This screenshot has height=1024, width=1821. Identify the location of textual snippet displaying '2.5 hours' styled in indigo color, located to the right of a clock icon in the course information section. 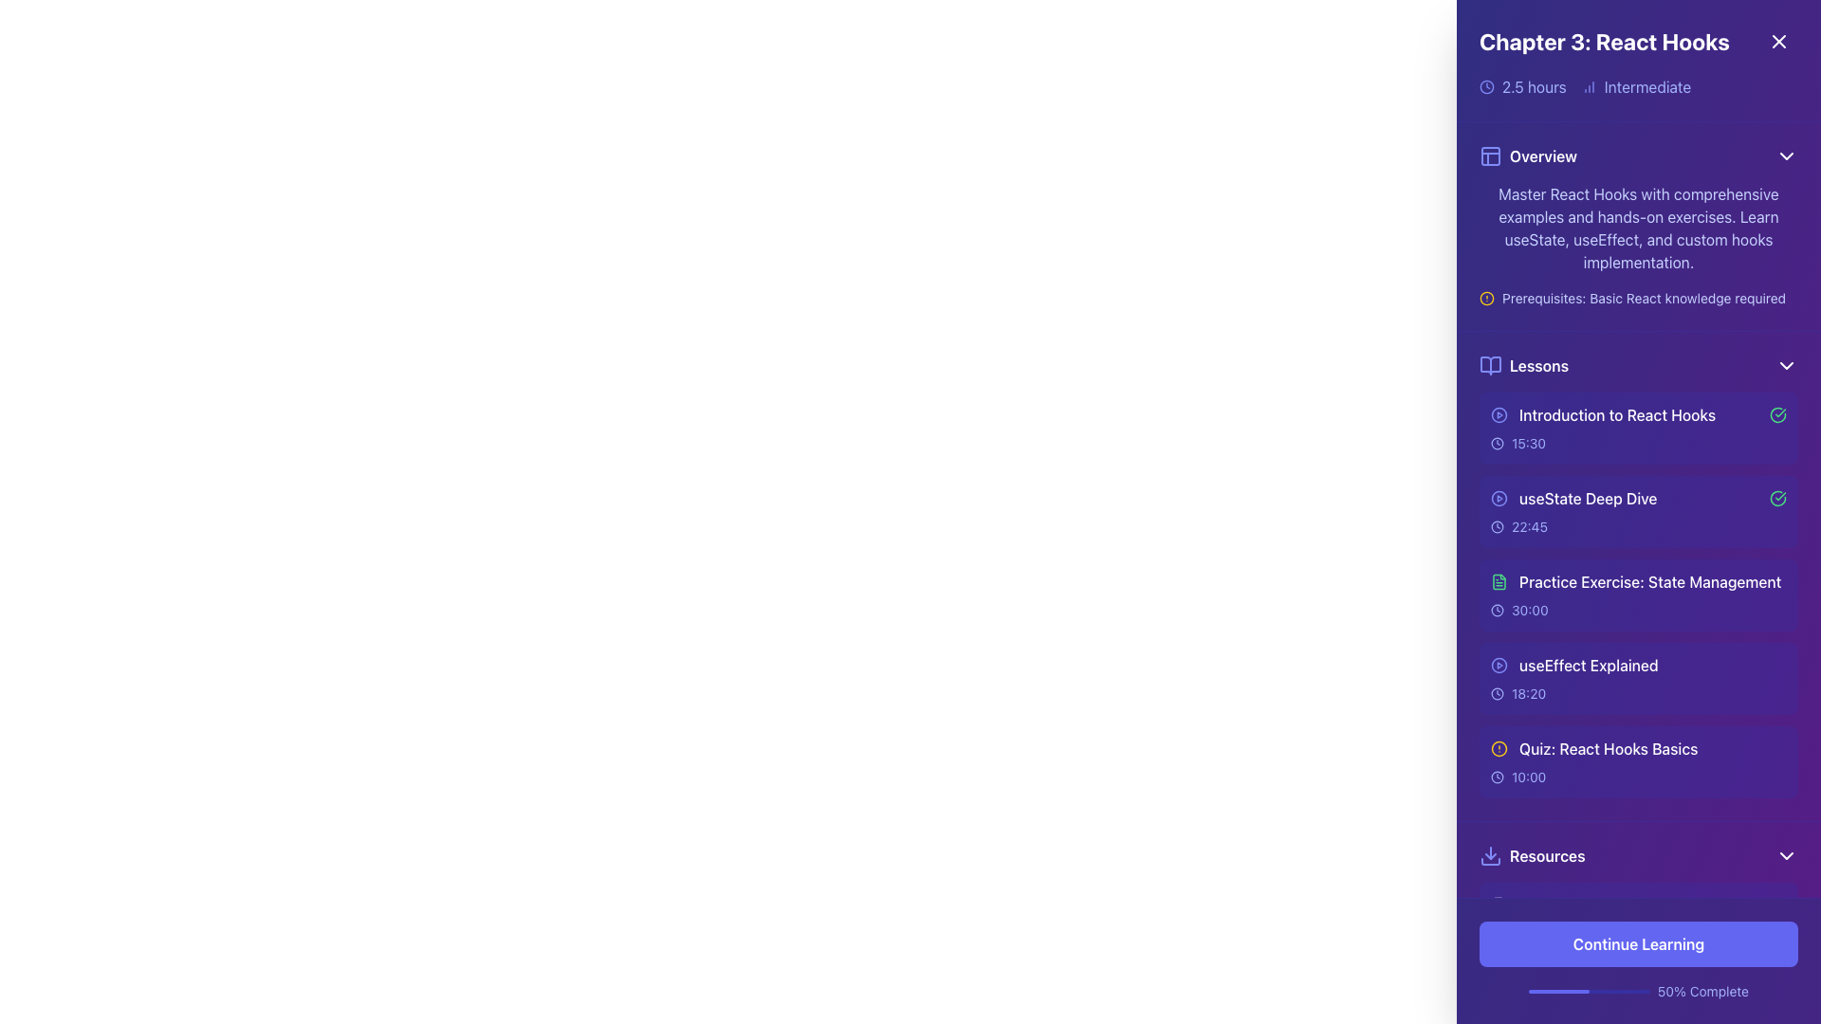
(1534, 87).